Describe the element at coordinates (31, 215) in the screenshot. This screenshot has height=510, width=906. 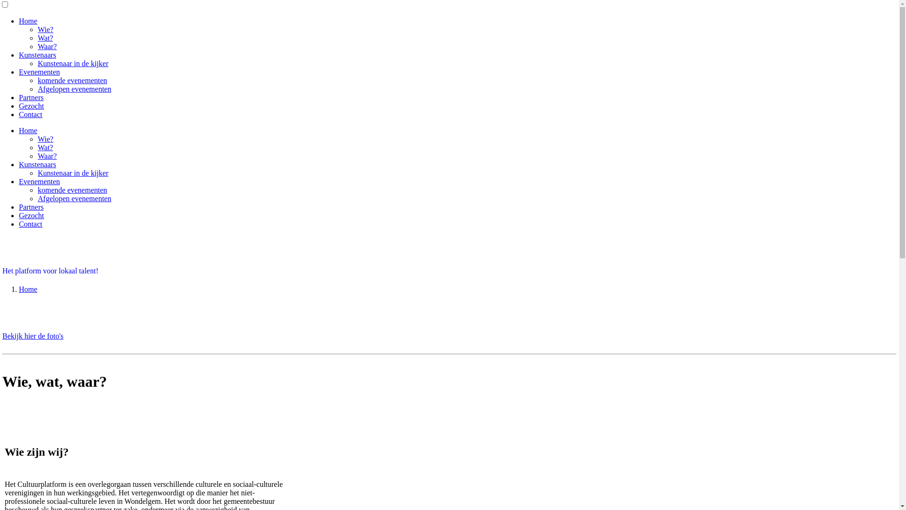
I see `'Gezocht'` at that location.